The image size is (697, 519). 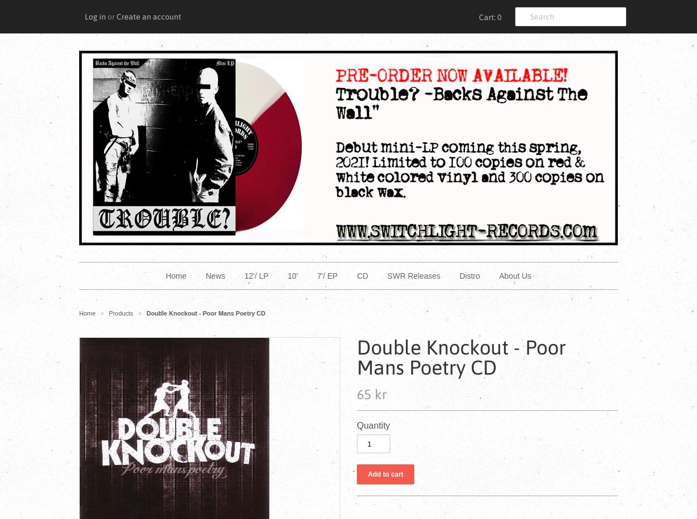 What do you see at coordinates (357, 425) in the screenshot?
I see `'Quantity'` at bounding box center [357, 425].